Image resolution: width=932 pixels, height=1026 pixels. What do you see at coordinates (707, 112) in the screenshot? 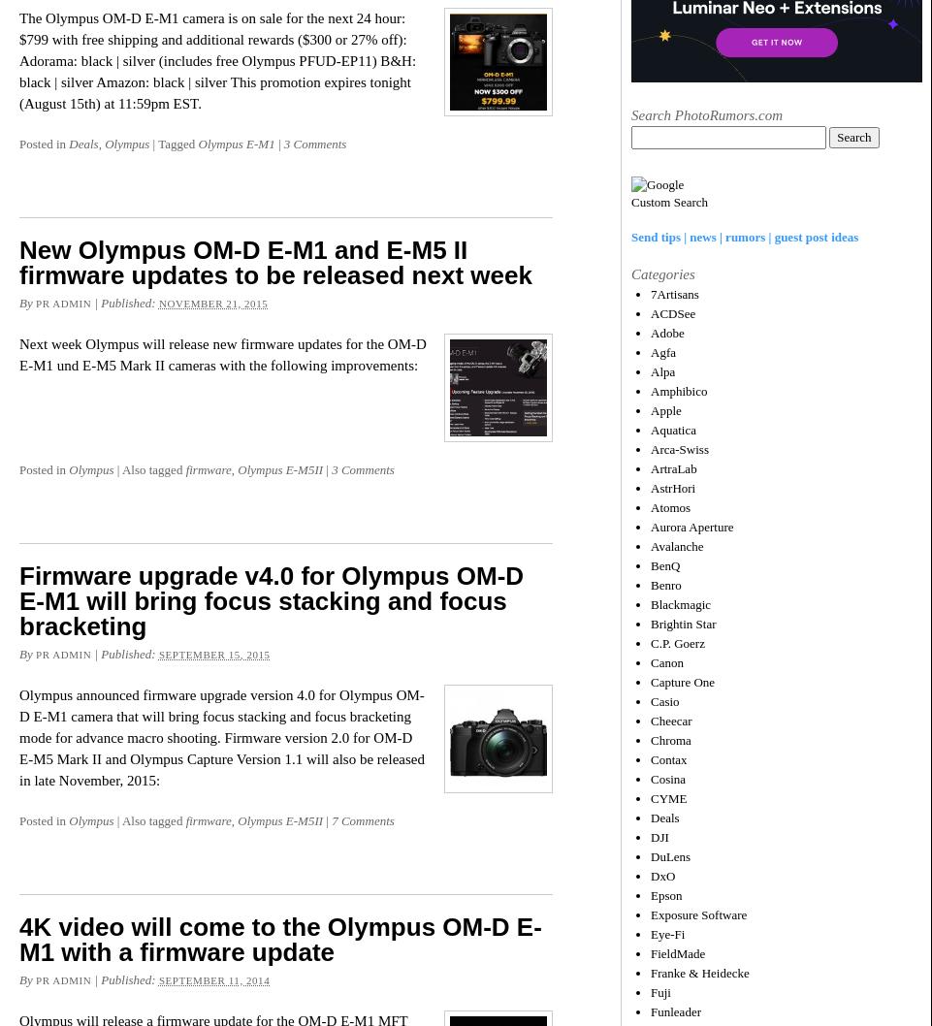
I see `'Search PhotoRumors.com'` at bounding box center [707, 112].